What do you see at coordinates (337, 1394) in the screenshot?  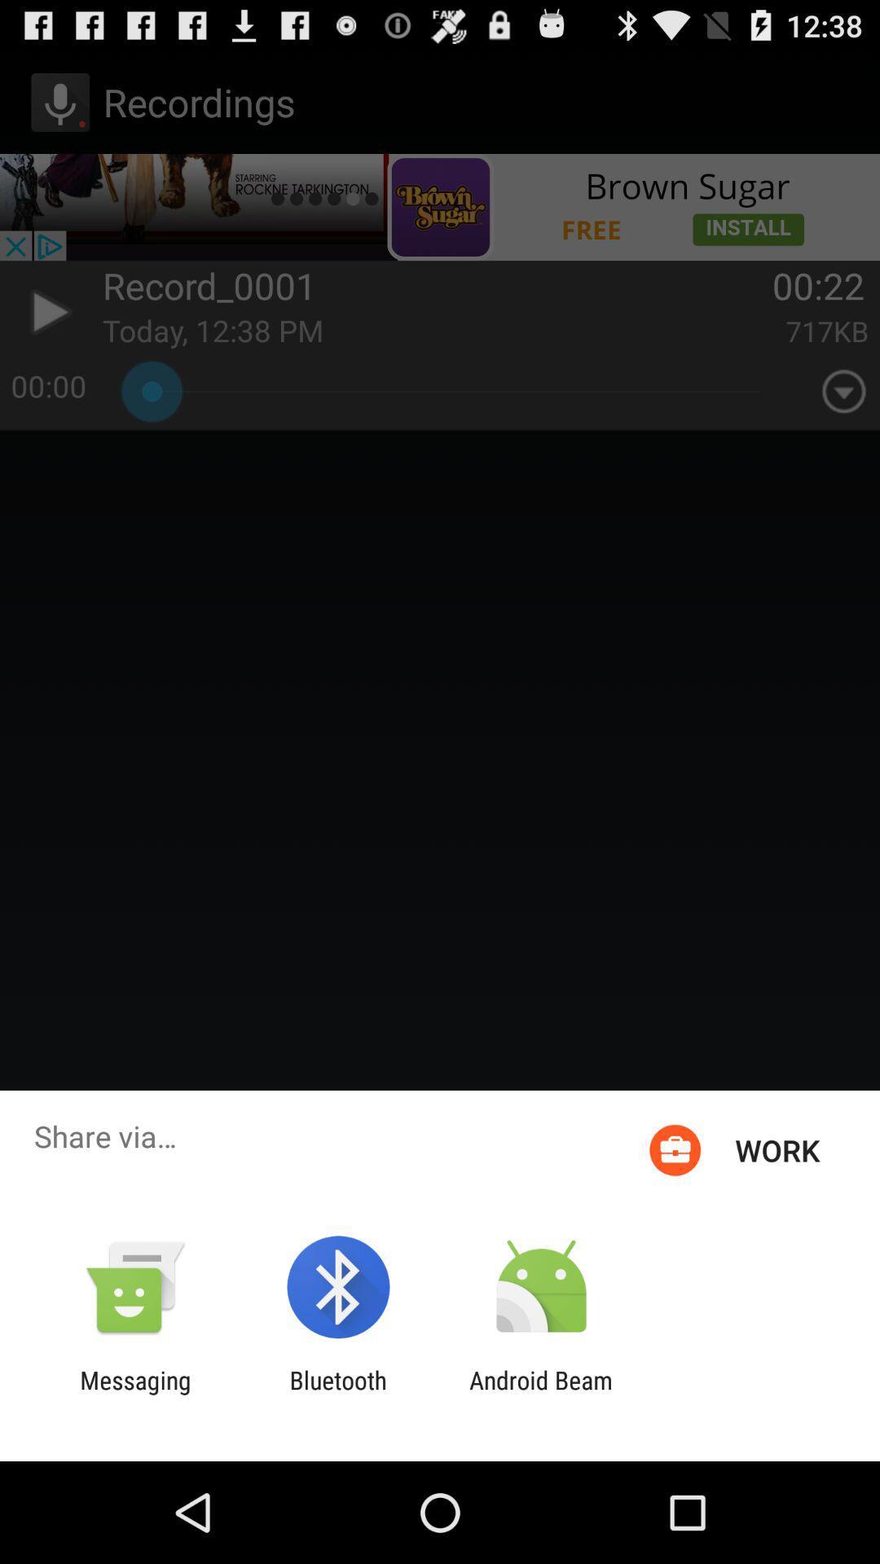 I see `bluetooth item` at bounding box center [337, 1394].